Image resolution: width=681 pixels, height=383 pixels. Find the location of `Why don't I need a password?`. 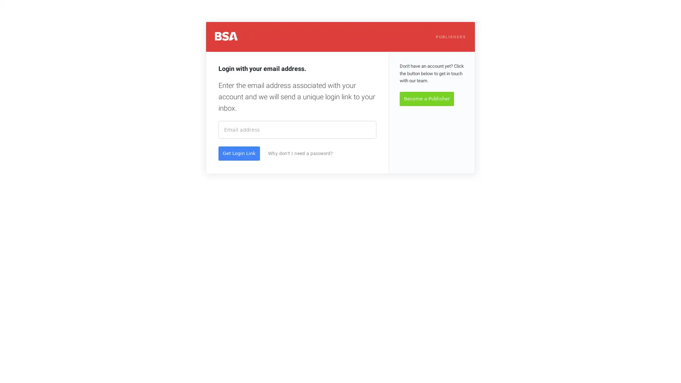

Why don't I need a password? is located at coordinates (300, 153).